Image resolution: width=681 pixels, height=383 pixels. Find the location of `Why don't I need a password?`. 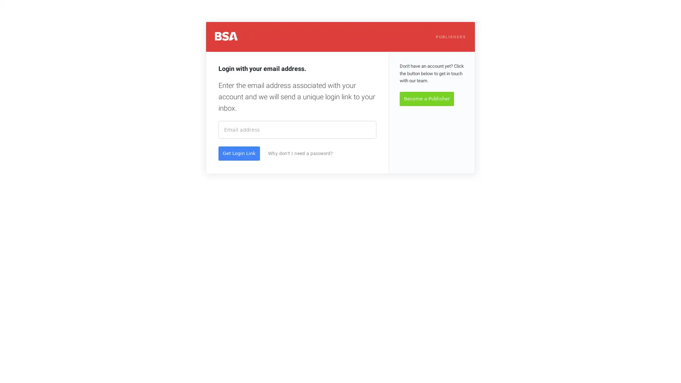

Why don't I need a password? is located at coordinates (300, 153).